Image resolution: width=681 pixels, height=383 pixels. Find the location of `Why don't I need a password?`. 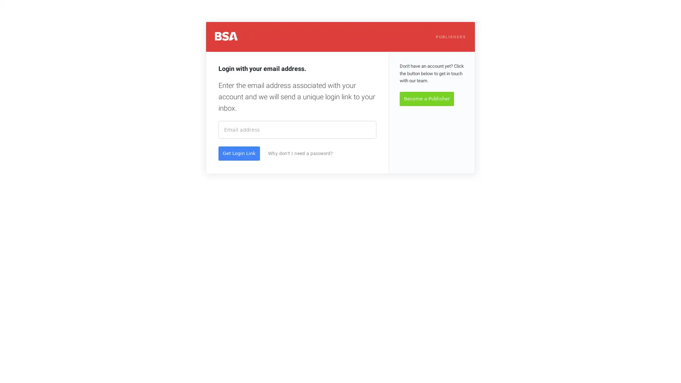

Why don't I need a password? is located at coordinates (300, 153).